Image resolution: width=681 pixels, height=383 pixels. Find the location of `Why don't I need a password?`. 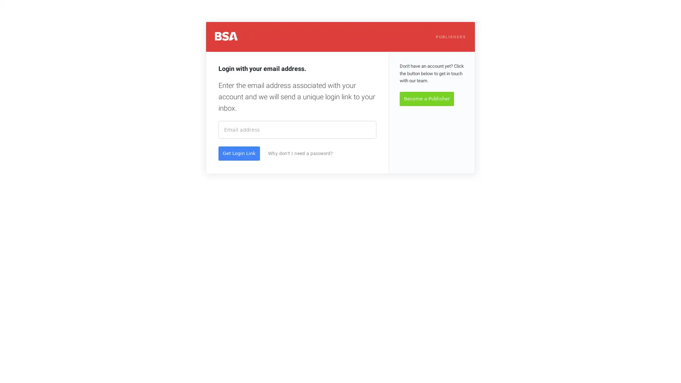

Why don't I need a password? is located at coordinates (300, 153).